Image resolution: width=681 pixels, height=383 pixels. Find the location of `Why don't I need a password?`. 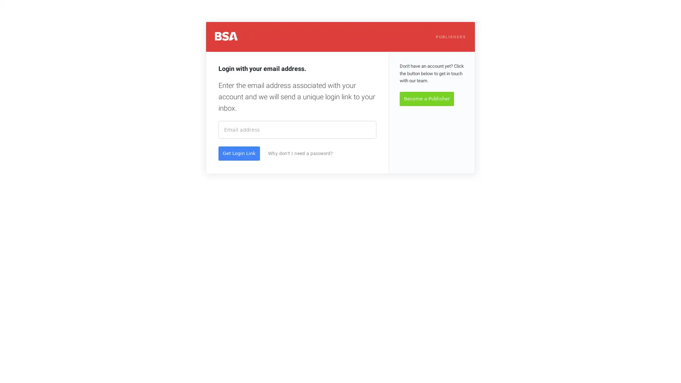

Why don't I need a password? is located at coordinates (300, 153).